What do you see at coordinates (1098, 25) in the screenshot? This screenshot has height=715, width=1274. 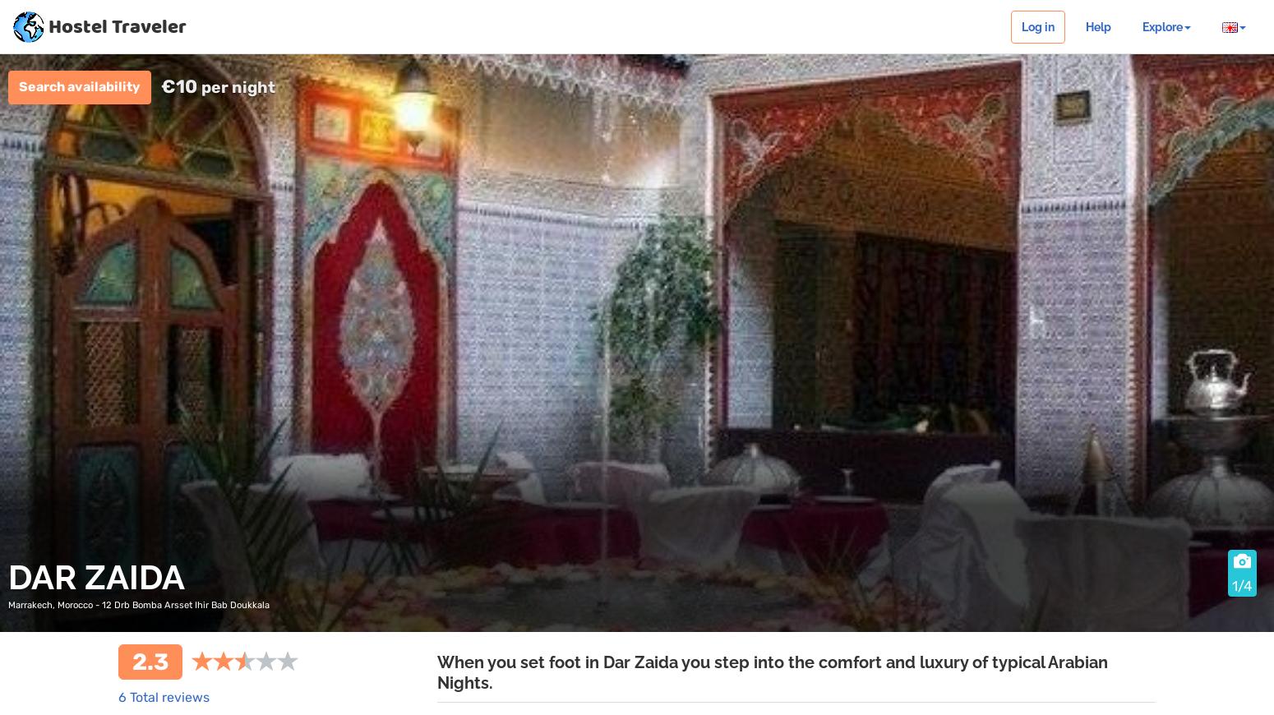 I see `'Help'` at bounding box center [1098, 25].